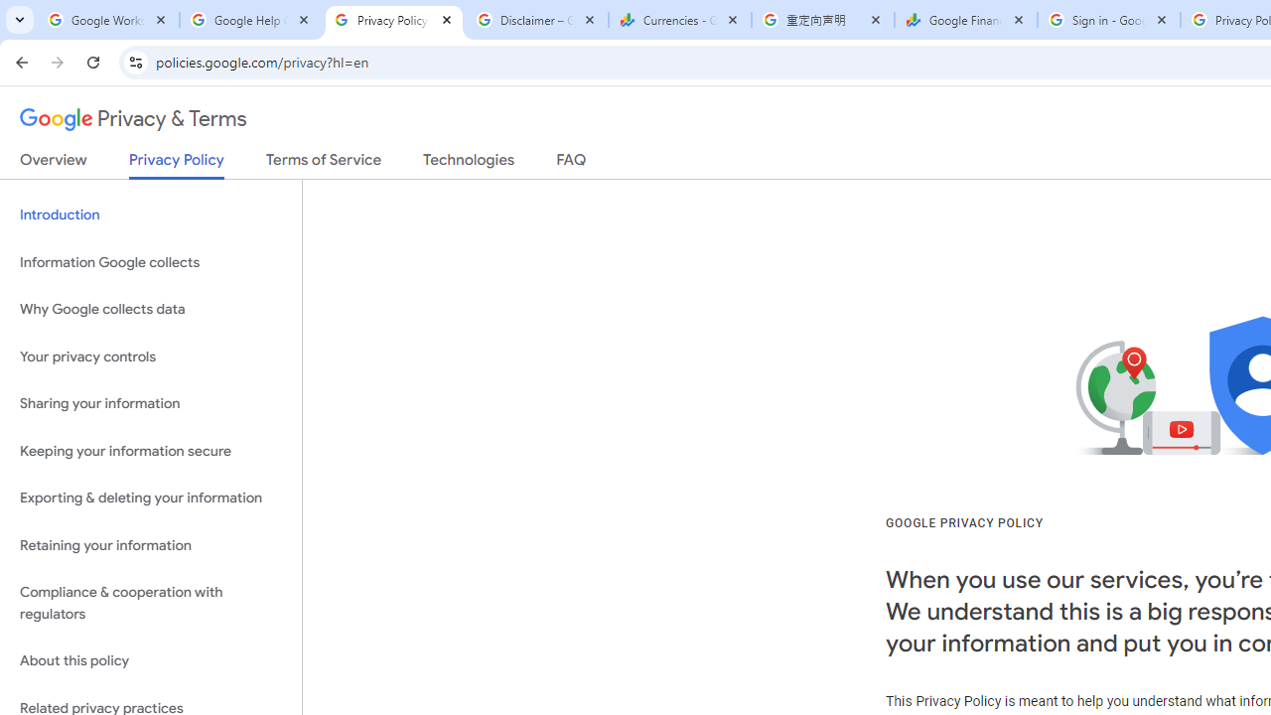  What do you see at coordinates (106, 20) in the screenshot?
I see `'Google Workspace Admin Community'` at bounding box center [106, 20].